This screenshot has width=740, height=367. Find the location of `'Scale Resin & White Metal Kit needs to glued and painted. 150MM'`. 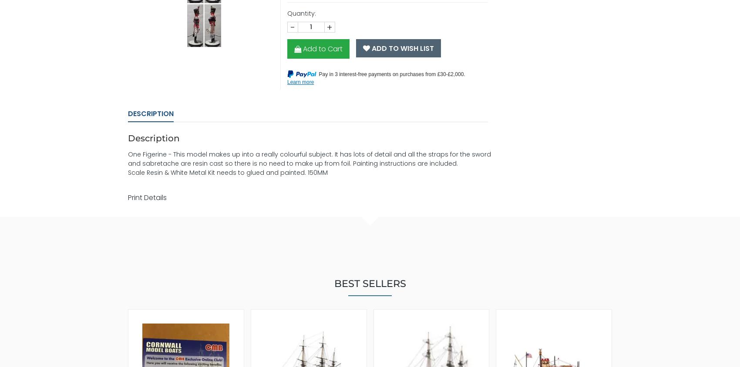

'Scale Resin & White Metal Kit needs to glued and painted. 150MM' is located at coordinates (228, 172).